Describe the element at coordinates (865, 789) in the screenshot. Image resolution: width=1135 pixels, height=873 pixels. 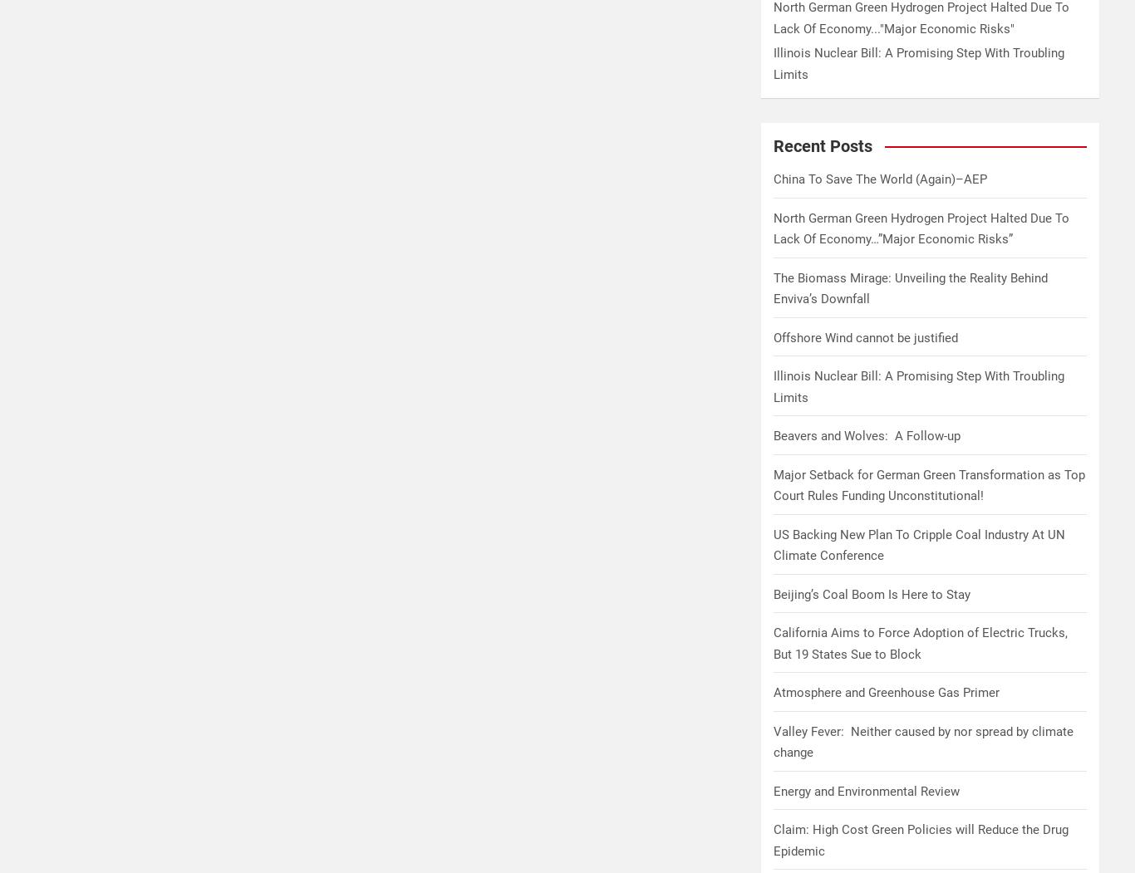
I see `'Energy and Environmental Review'` at that location.